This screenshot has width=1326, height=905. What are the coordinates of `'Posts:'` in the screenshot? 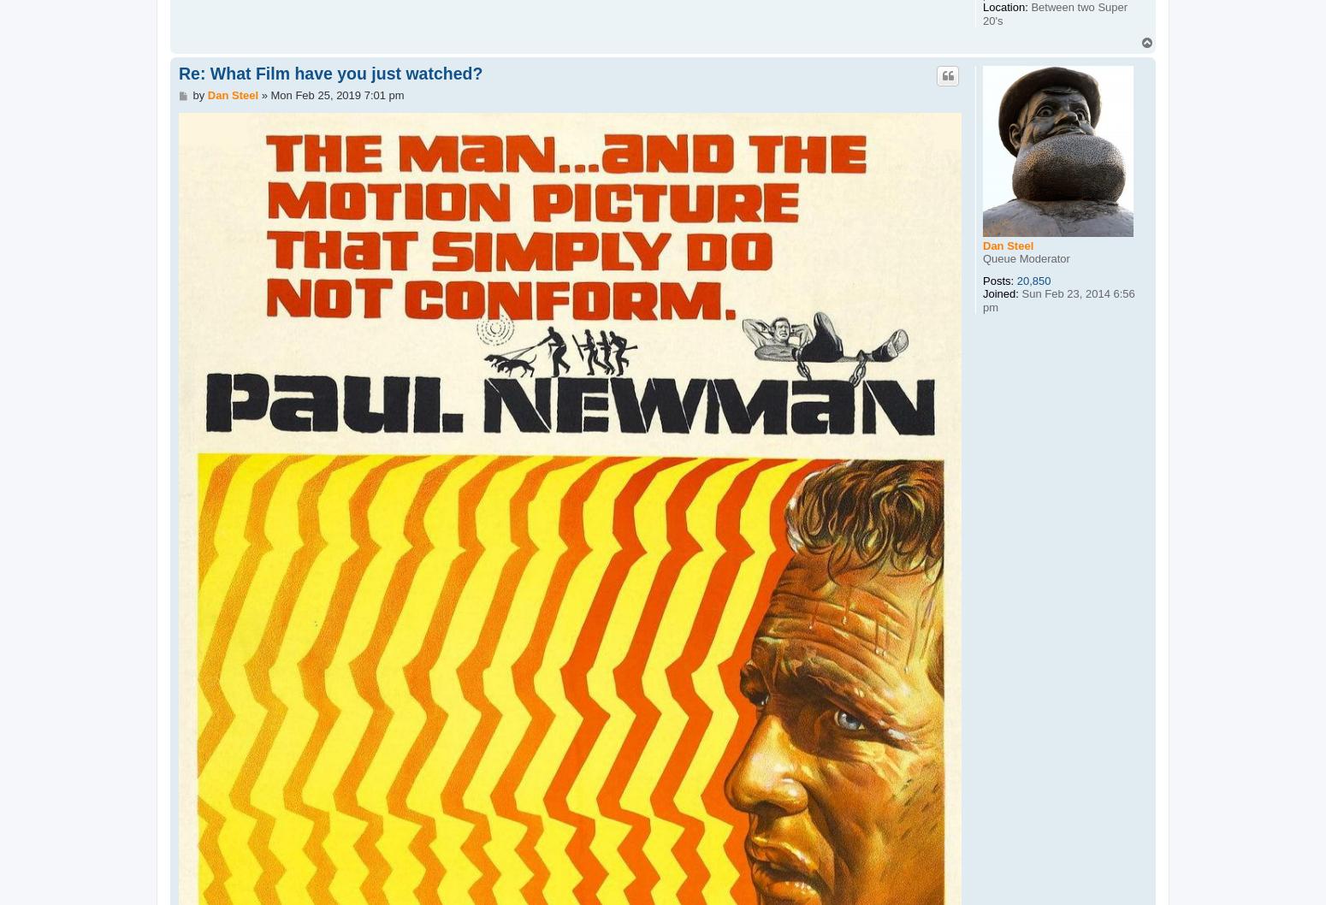 It's located at (997, 279).